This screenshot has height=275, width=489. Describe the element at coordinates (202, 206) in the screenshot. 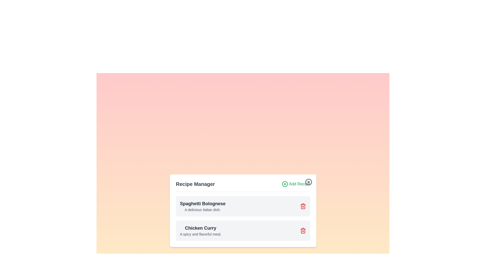

I see `text content of the Text block displaying the title 'Spaghetti Bolognese' and subtitle 'A delicious Italian dish.' in the Recipe Manager interface` at that location.